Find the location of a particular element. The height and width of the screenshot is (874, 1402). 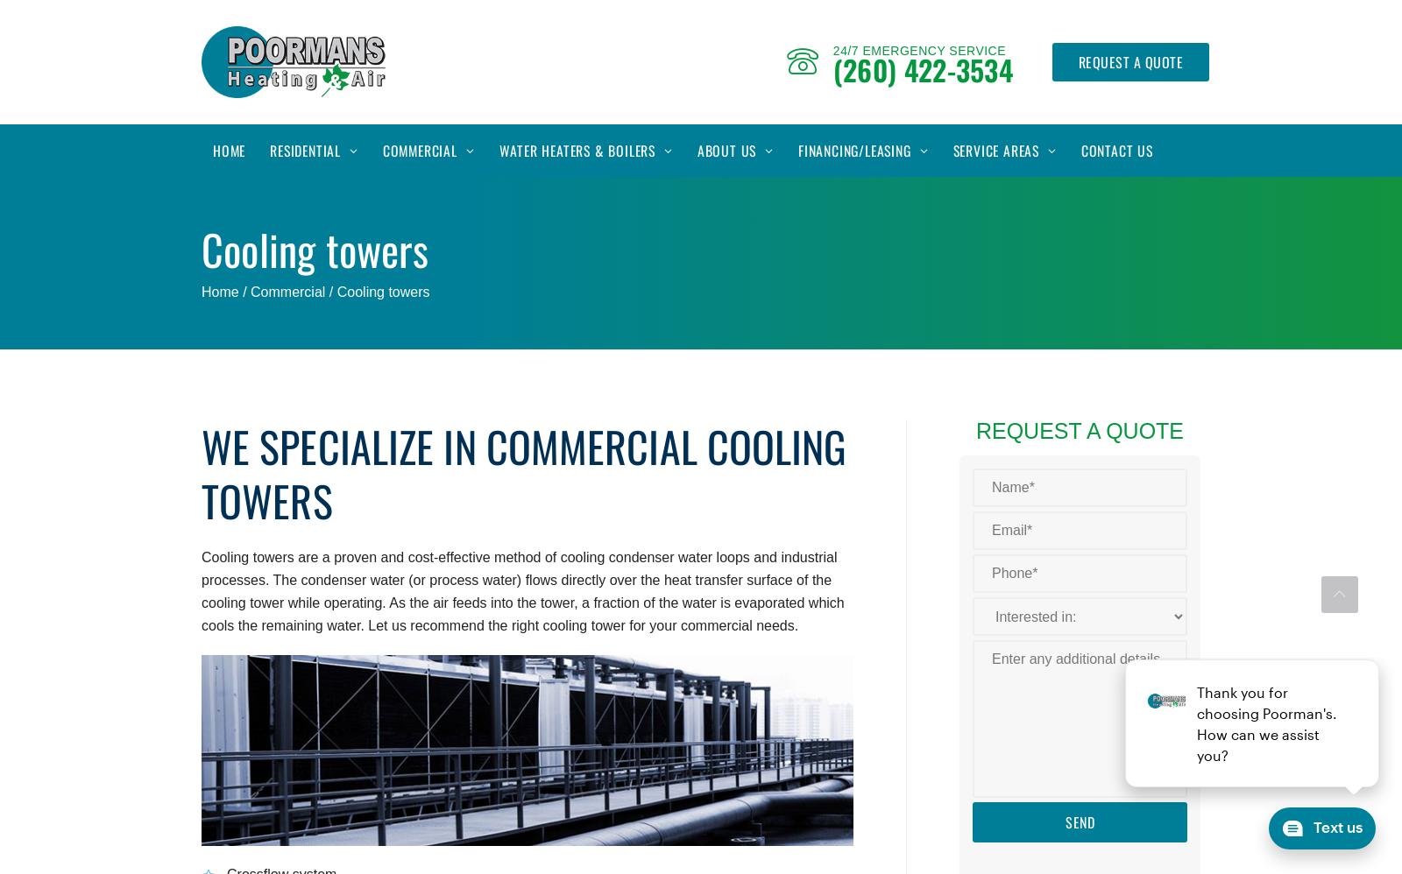

'Auburn, IN' is located at coordinates (970, 285).